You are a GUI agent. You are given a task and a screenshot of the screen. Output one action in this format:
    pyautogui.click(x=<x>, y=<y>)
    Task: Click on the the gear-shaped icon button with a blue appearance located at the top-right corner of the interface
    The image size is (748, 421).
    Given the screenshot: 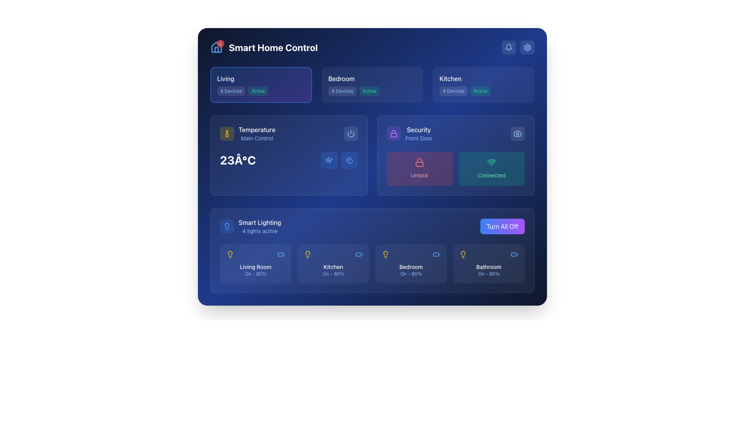 What is the action you would take?
    pyautogui.click(x=527, y=48)
    